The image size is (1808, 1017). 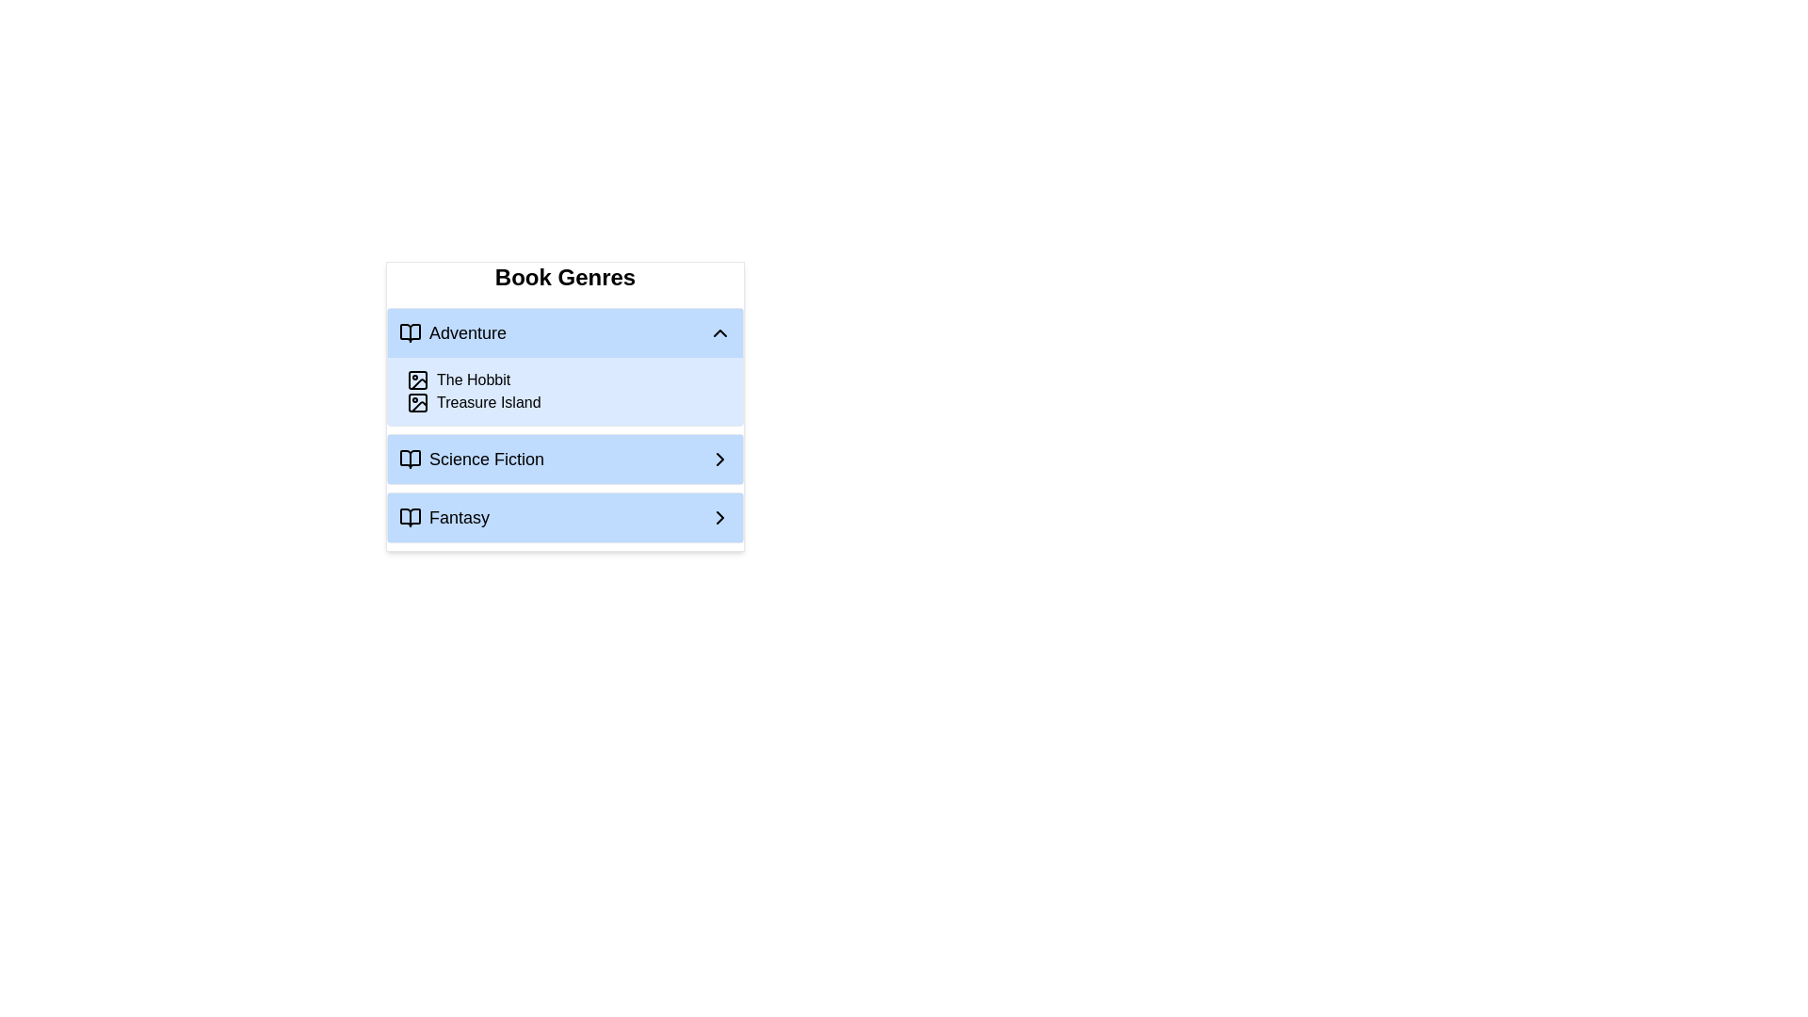 What do you see at coordinates (410, 518) in the screenshot?
I see `the icon representing a book open in the middle, which is styled in a minimalist, line-art style and located to the left of the header text in the 'Fantasy' row of the 'Book Genres' interface` at bounding box center [410, 518].